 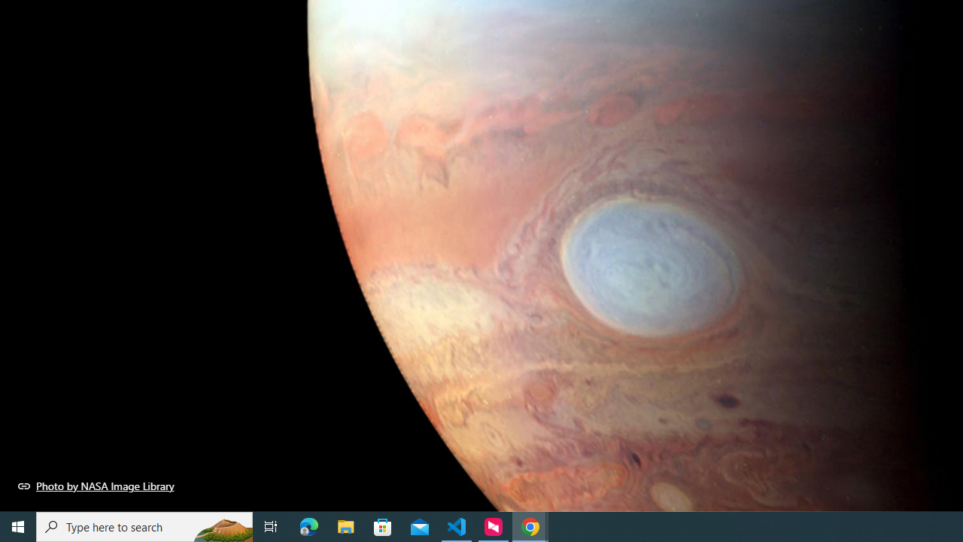 I want to click on 'Photo by NASA Image Library', so click(x=96, y=486).